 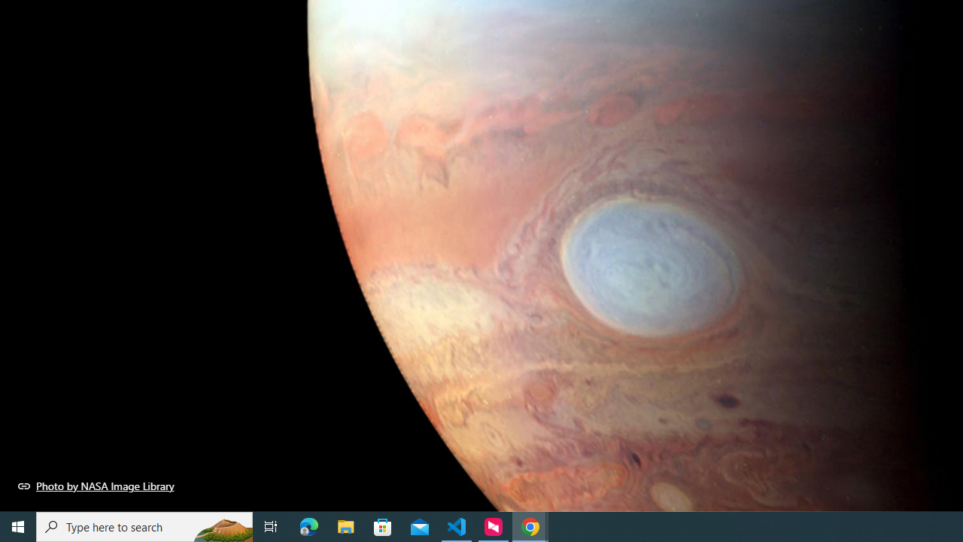 I want to click on 'Photo by NASA Image Library', so click(x=96, y=486).